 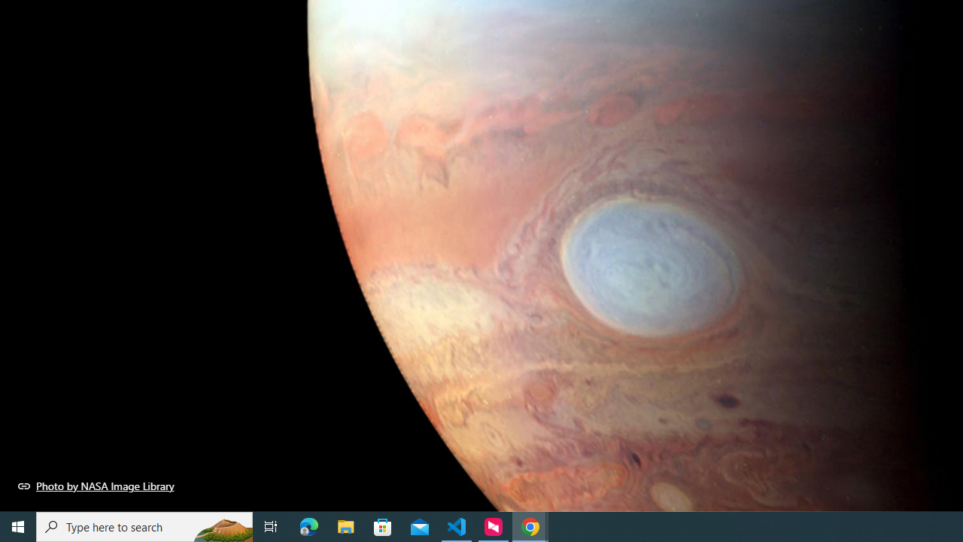 I want to click on 'Photo by NASA Image Library', so click(x=96, y=486).